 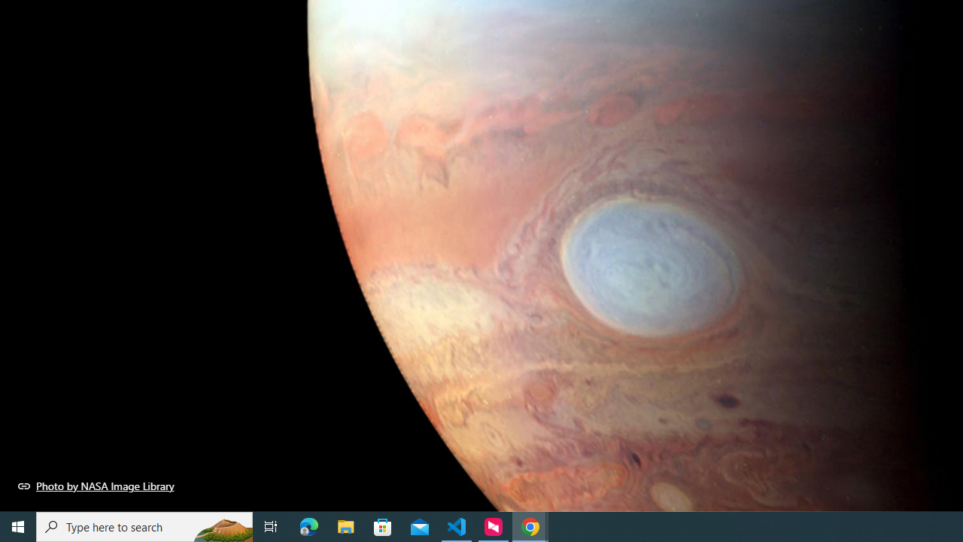 I want to click on 'Photo by NASA Image Library', so click(x=96, y=486).